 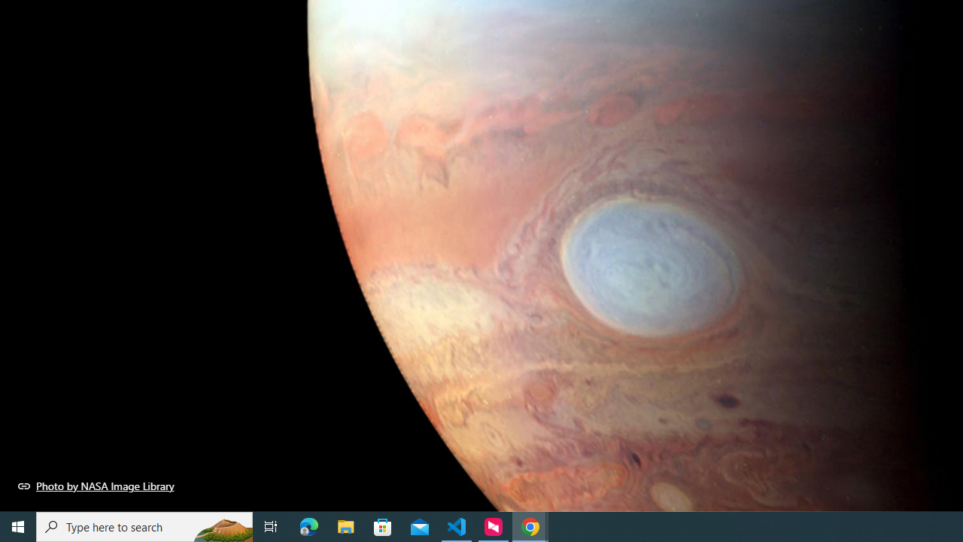 I want to click on 'Photo by NASA Image Library', so click(x=96, y=486).